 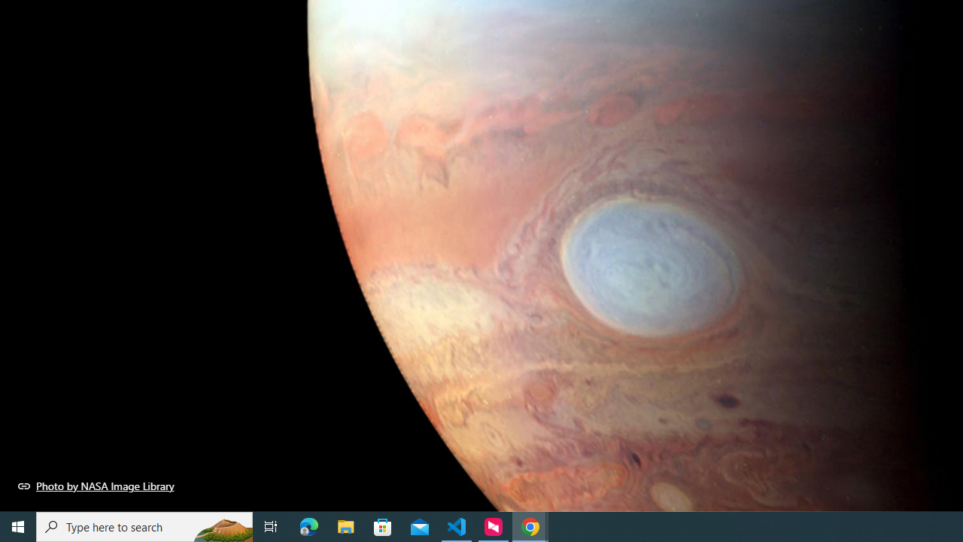 I want to click on 'Photo by NASA Image Library', so click(x=96, y=486).